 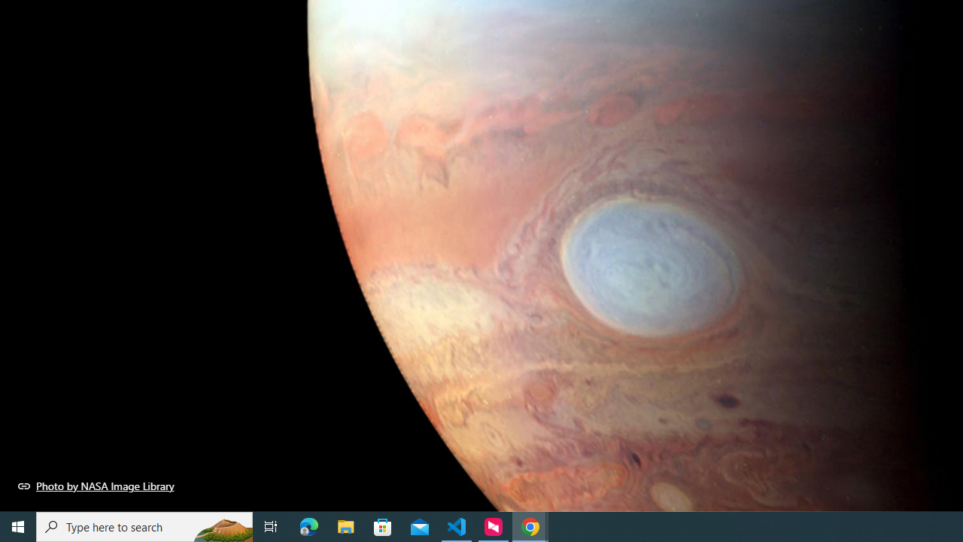 I want to click on 'Photo by NASA Image Library', so click(x=96, y=486).